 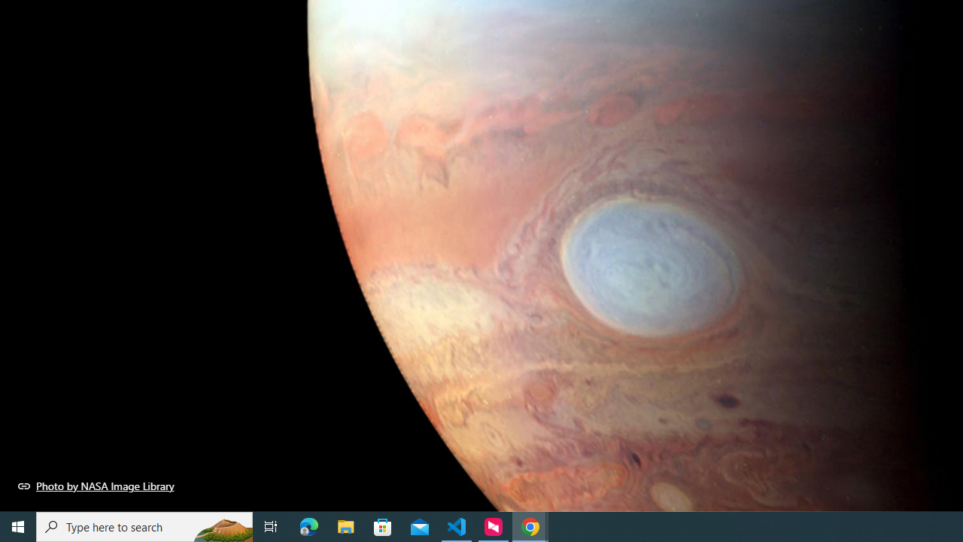 I want to click on 'Photo by NASA Image Library', so click(x=96, y=486).